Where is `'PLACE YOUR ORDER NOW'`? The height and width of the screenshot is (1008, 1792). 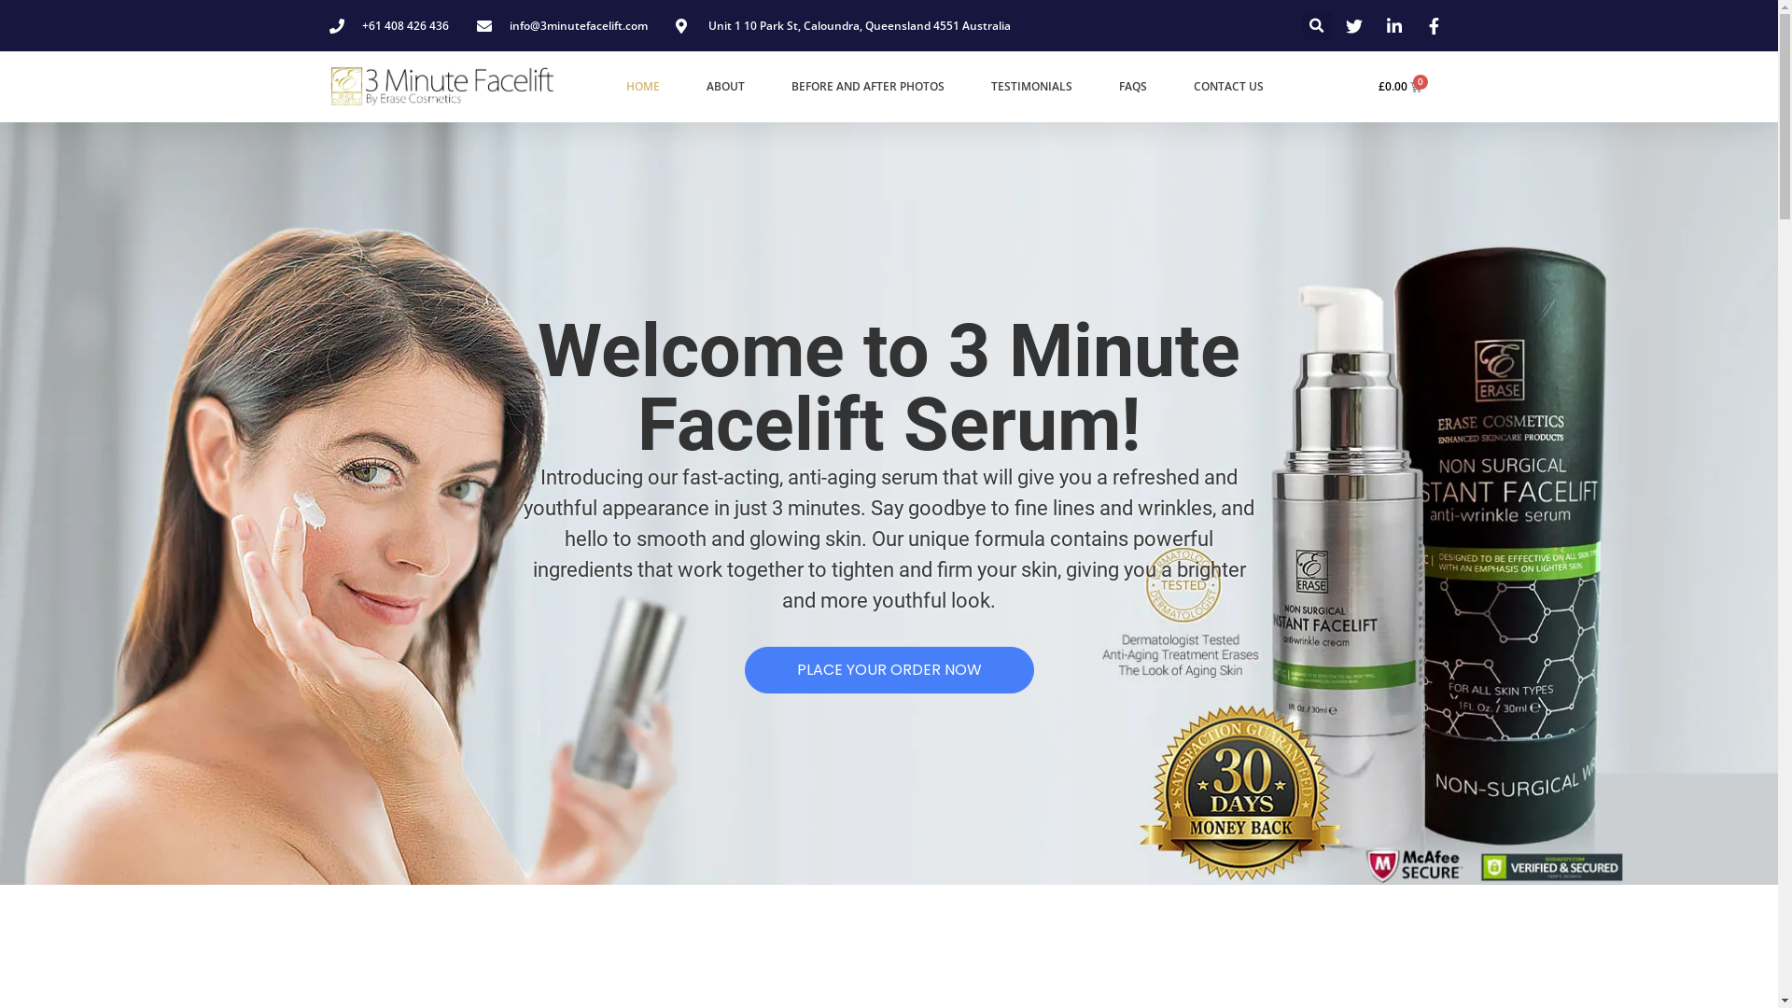
'PLACE YOUR ORDER NOW' is located at coordinates (889, 668).